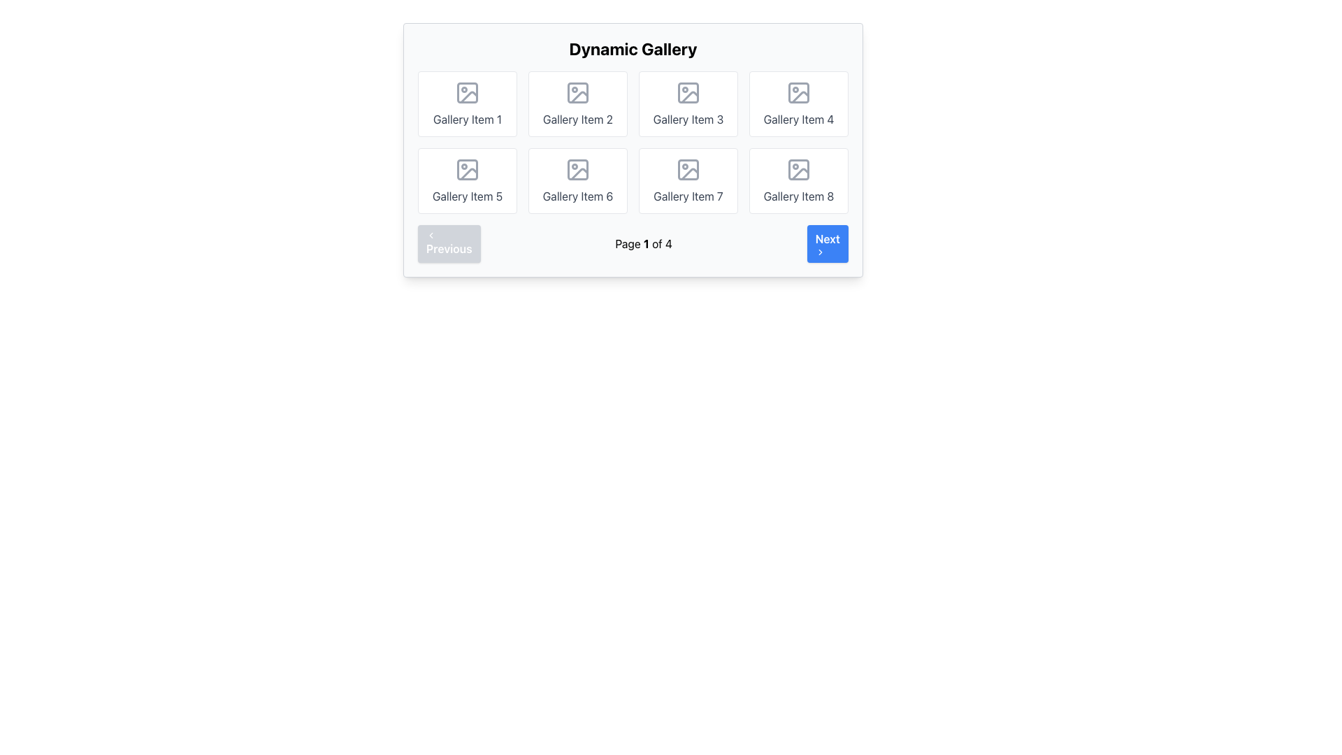 This screenshot has width=1342, height=755. What do you see at coordinates (798, 169) in the screenshot?
I see `the gray square icon with rounded corners in the bottom-right corner of the layout, specifically part of 'Gallery Item 8'` at bounding box center [798, 169].